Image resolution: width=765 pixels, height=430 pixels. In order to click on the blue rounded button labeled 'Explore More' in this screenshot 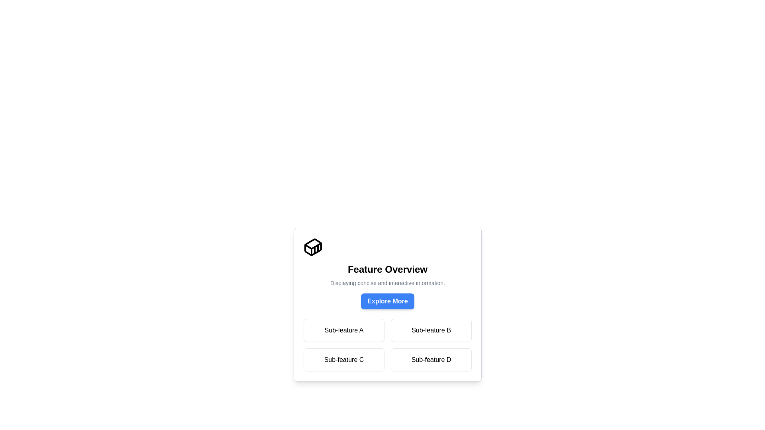, I will do `click(388, 301)`.